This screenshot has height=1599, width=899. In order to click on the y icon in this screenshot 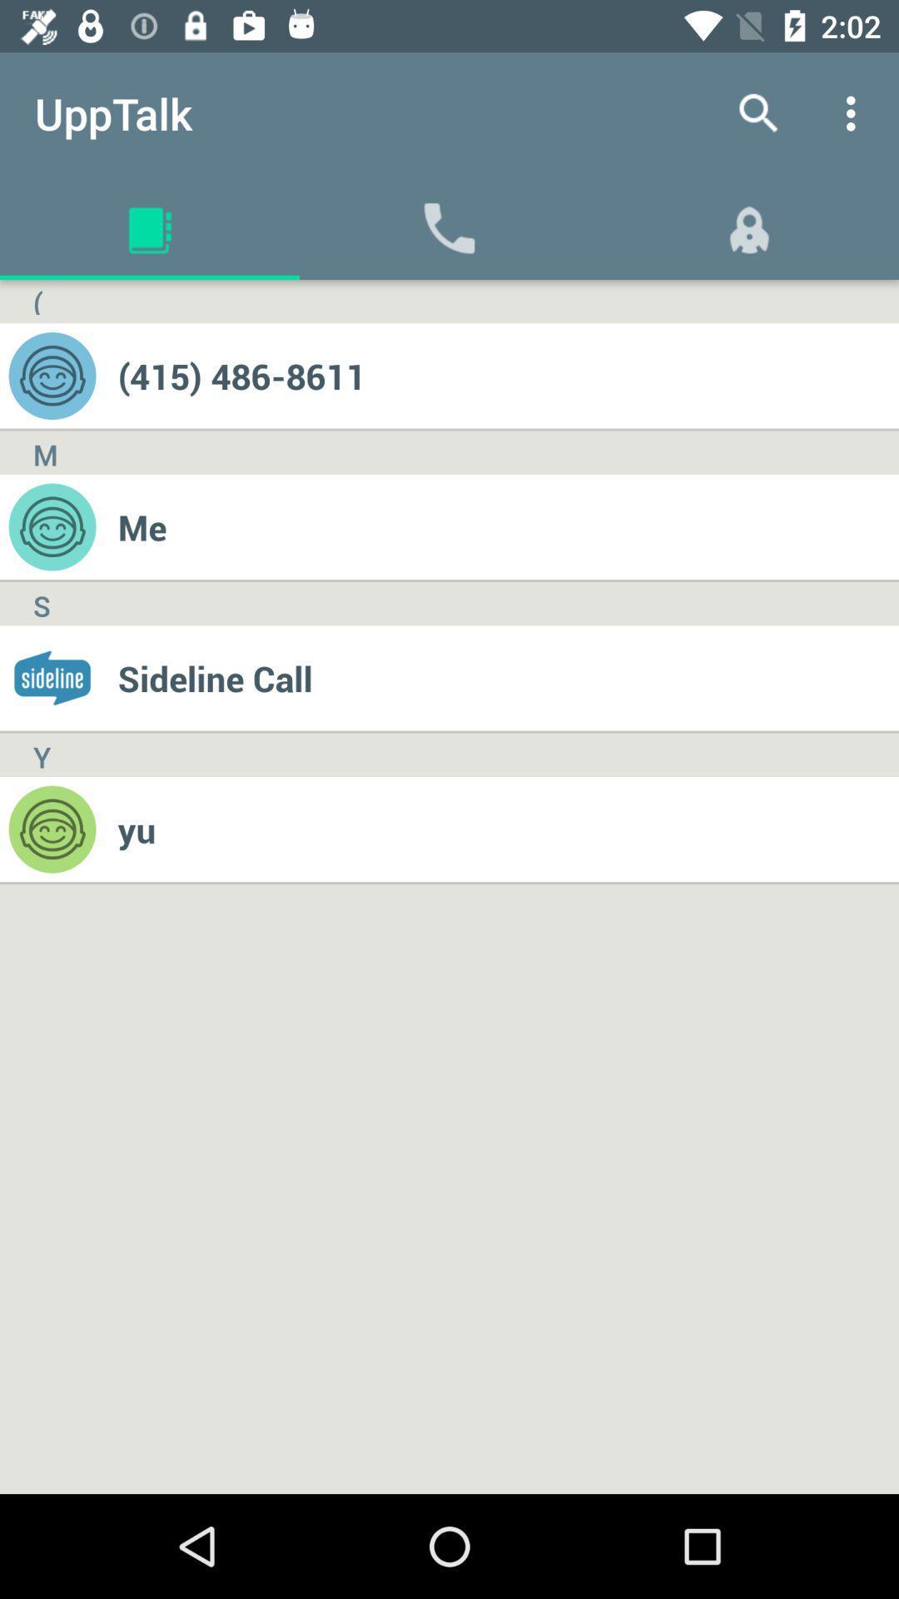, I will do `click(41, 754)`.